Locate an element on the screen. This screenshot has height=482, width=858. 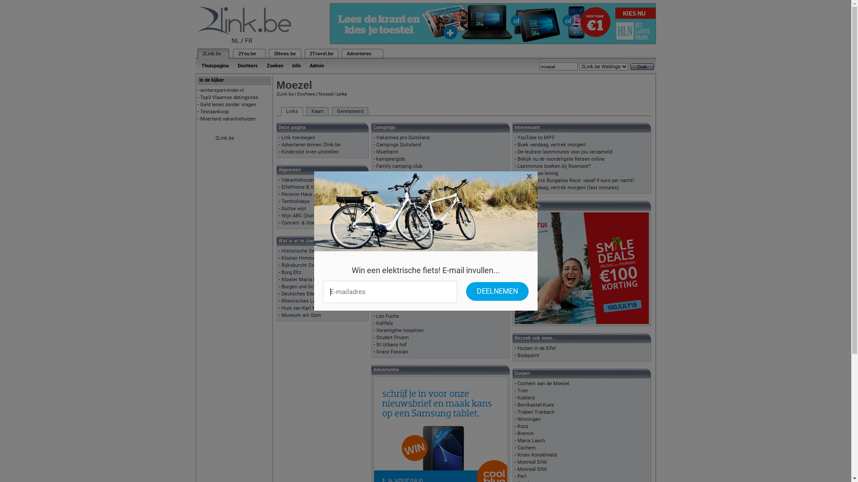
'Kinderslot in-en uitstellen' is located at coordinates (310, 151).